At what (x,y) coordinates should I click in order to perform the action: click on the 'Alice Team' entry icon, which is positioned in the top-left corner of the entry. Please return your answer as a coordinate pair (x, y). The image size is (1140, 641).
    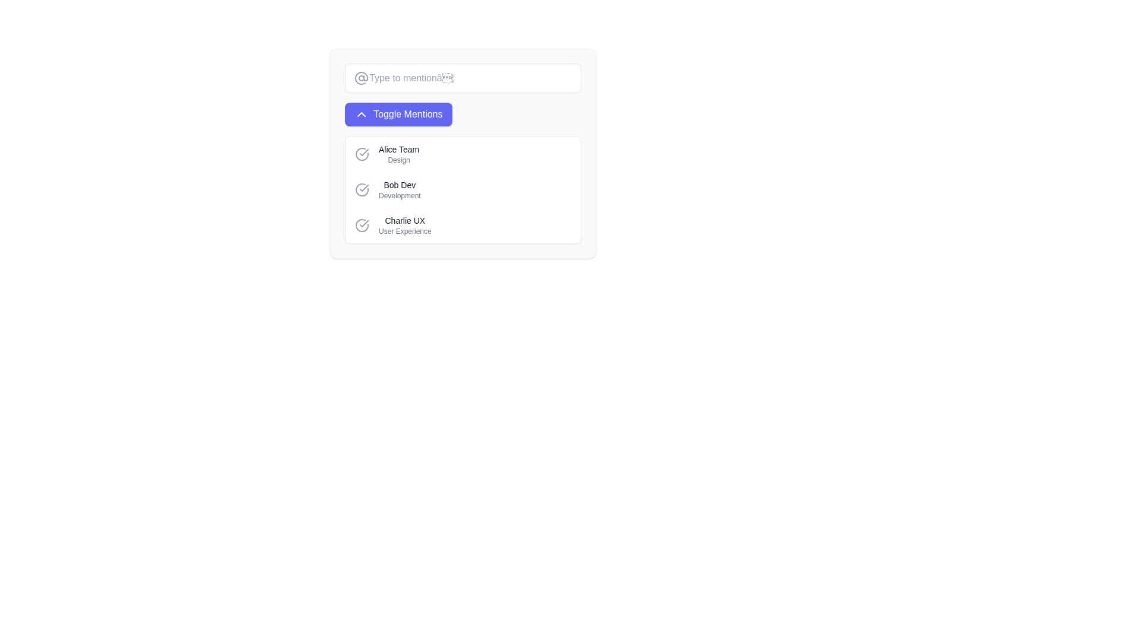
    Looking at the image, I should click on (361, 153).